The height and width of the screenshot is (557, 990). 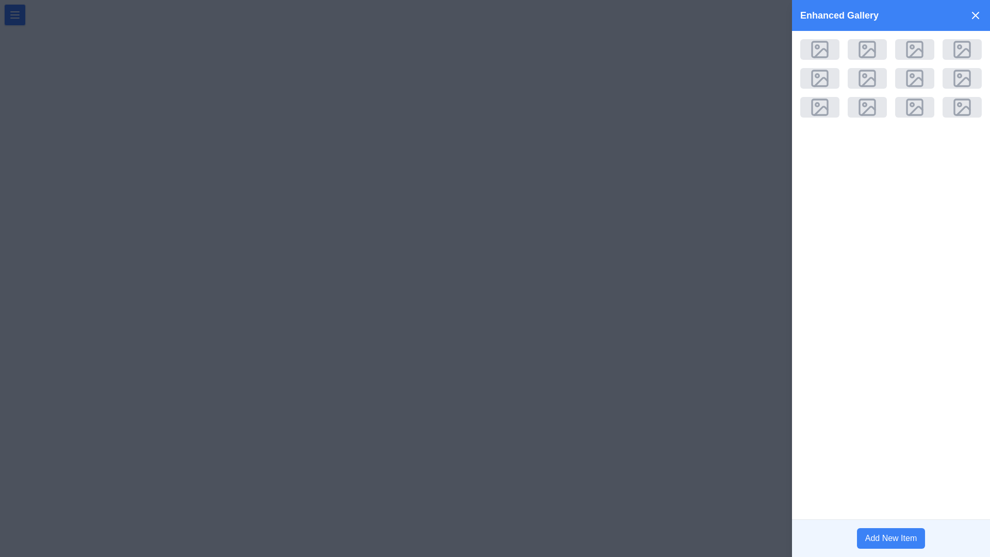 What do you see at coordinates (915, 107) in the screenshot?
I see `the rectangular icon with rounded corners featuring a gray background and a mountain and sun graphic, located in the bottom row, third column from the left` at bounding box center [915, 107].